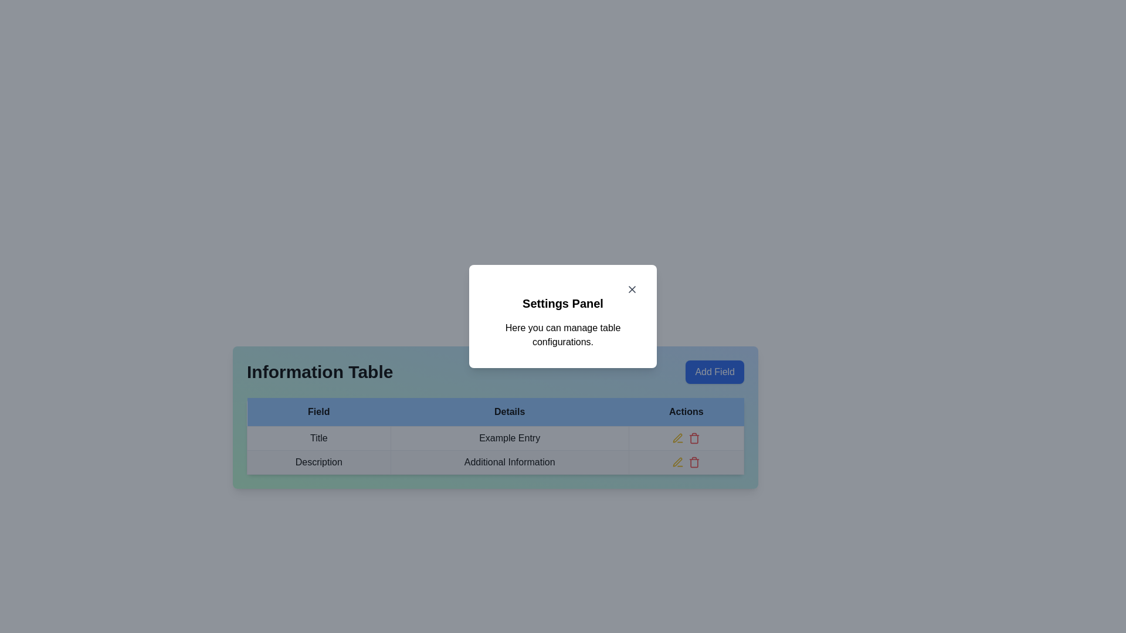 Image resolution: width=1126 pixels, height=633 pixels. What do you see at coordinates (495, 436) in the screenshot?
I see `a table cell in the data table located in the 'Information Table' section` at bounding box center [495, 436].